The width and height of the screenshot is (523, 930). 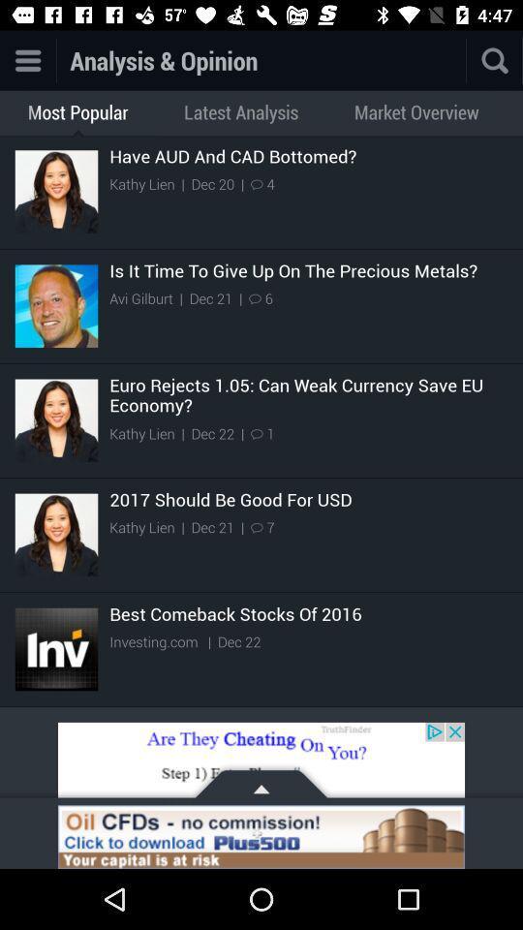 What do you see at coordinates (26, 60) in the screenshot?
I see `menu option` at bounding box center [26, 60].